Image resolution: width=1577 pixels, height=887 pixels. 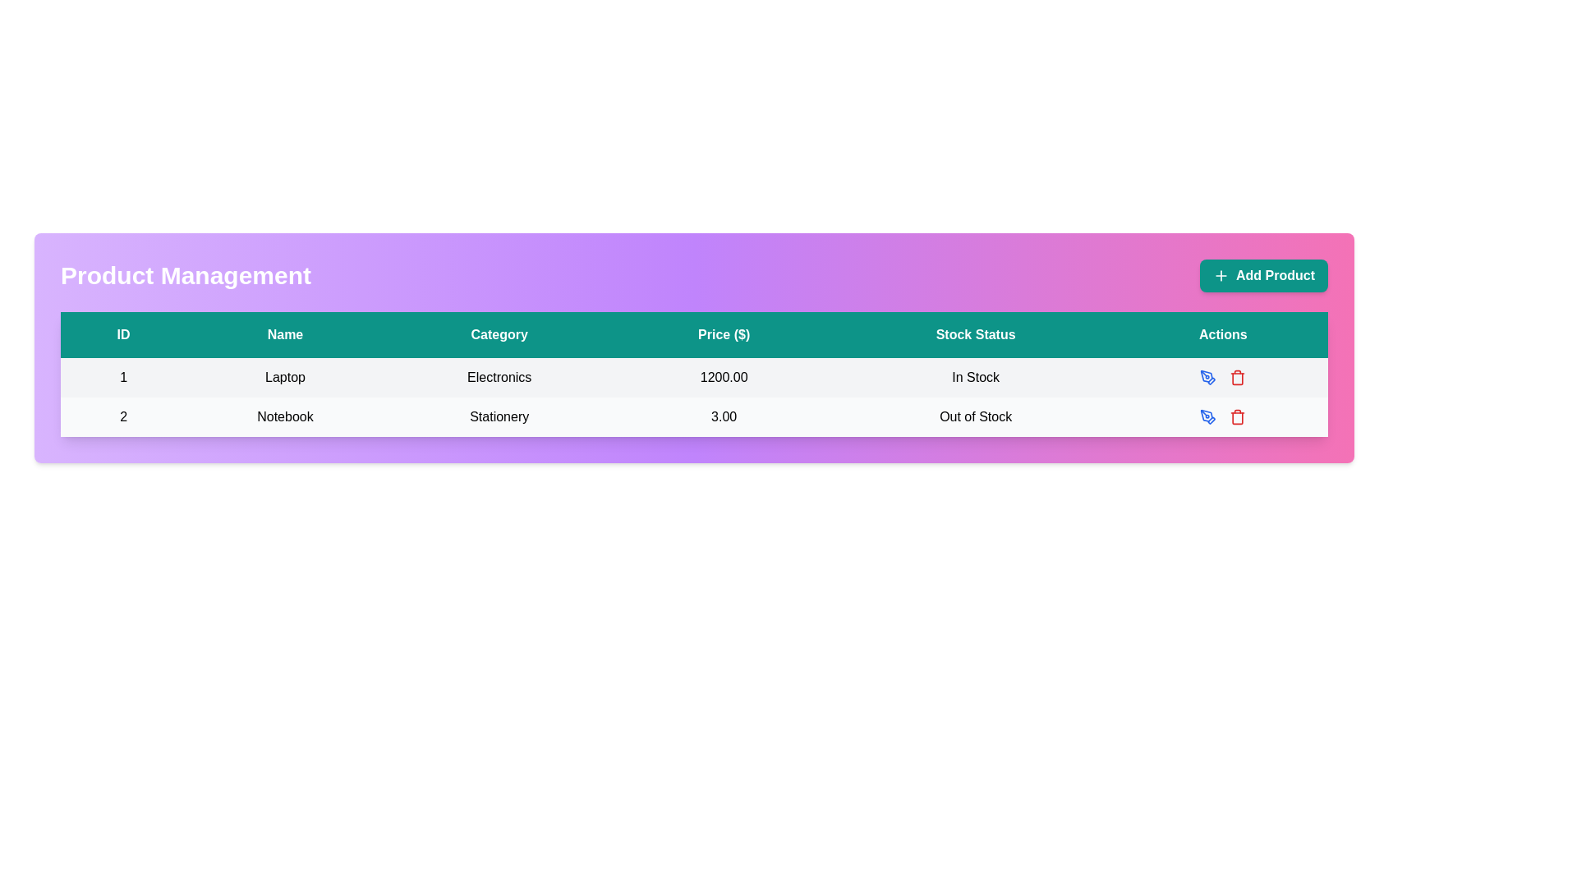 I want to click on the 'Name' column header cell in the table, which is the second header from the left, indicating the names of items in the dataset, so click(x=285, y=334).